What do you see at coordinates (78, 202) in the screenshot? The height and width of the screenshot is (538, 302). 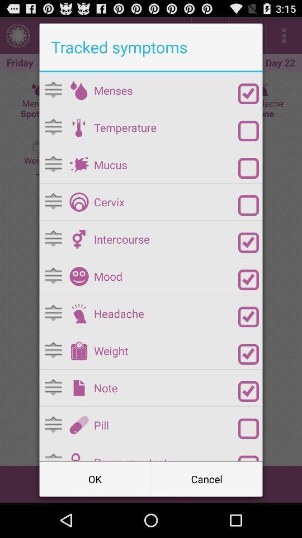 I see `cervix tracked symbol` at bounding box center [78, 202].